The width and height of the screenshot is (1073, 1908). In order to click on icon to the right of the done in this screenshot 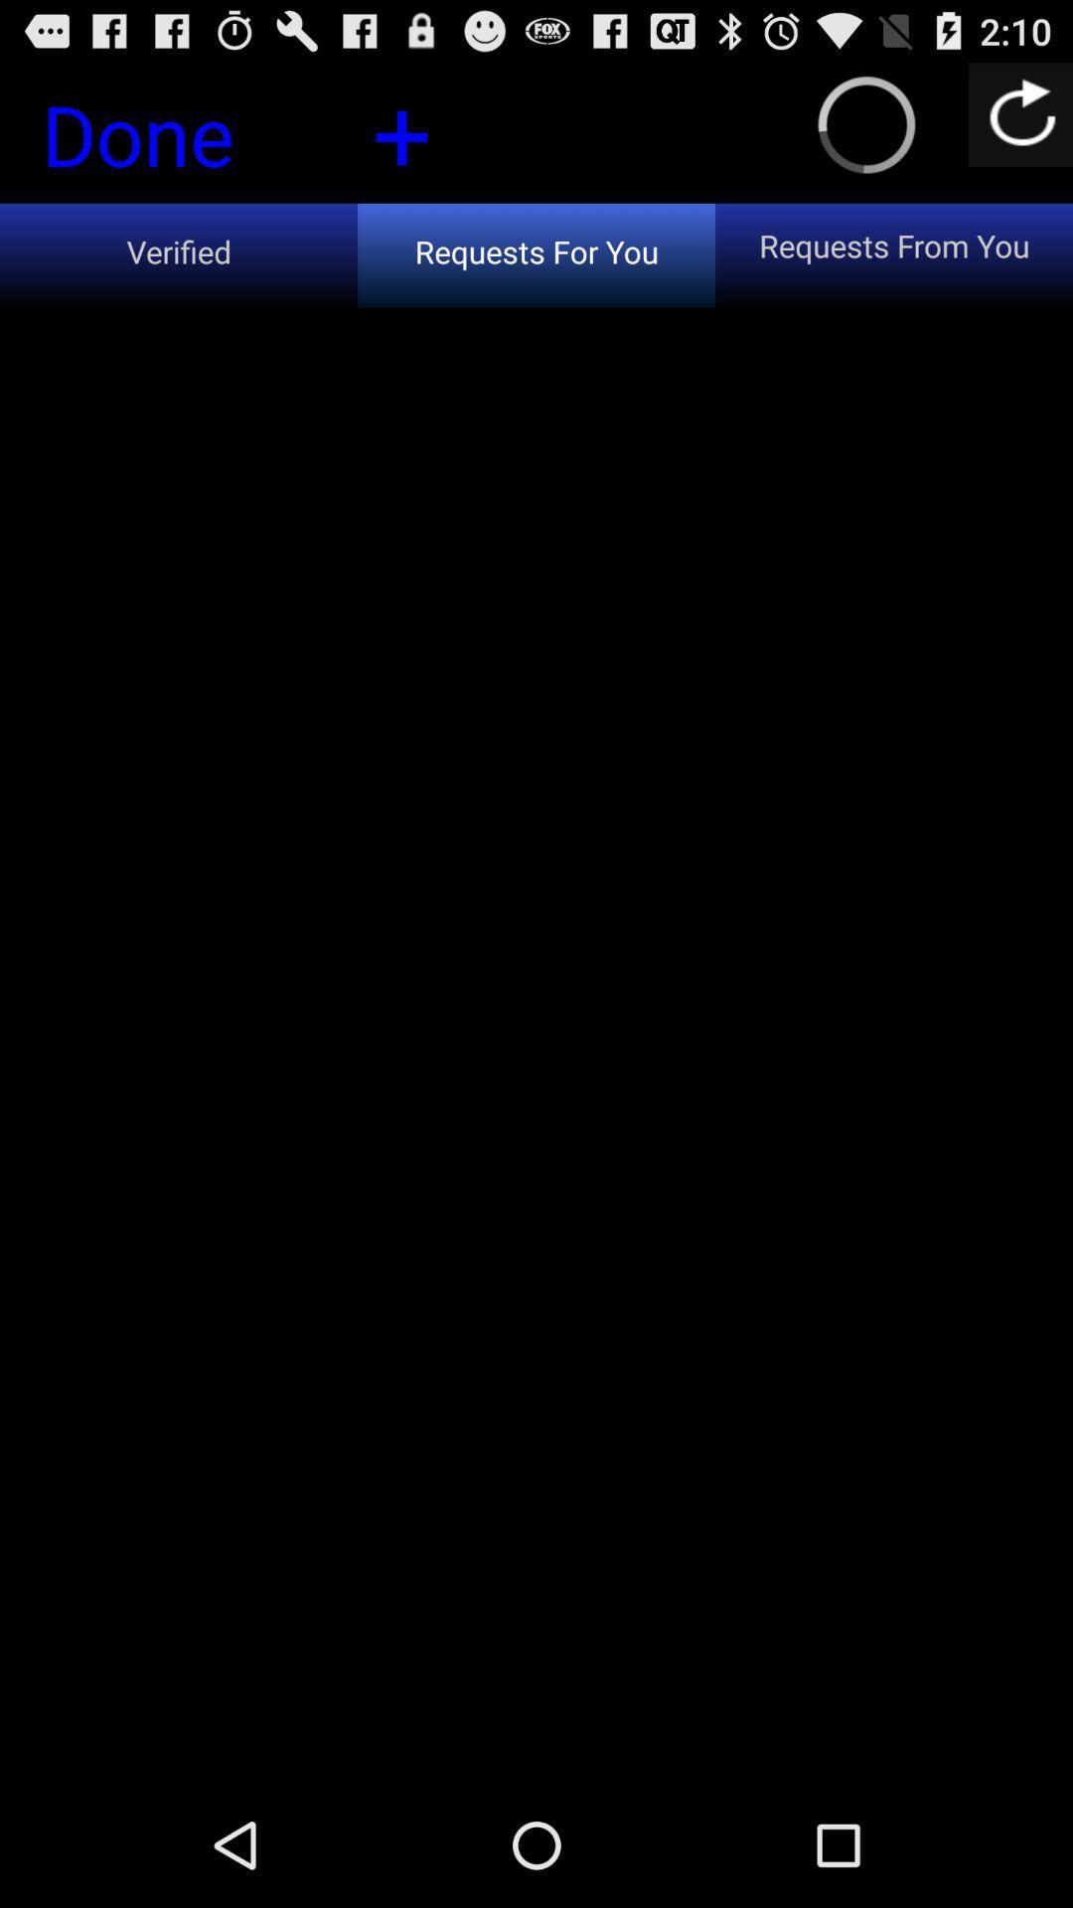, I will do `click(401, 130)`.